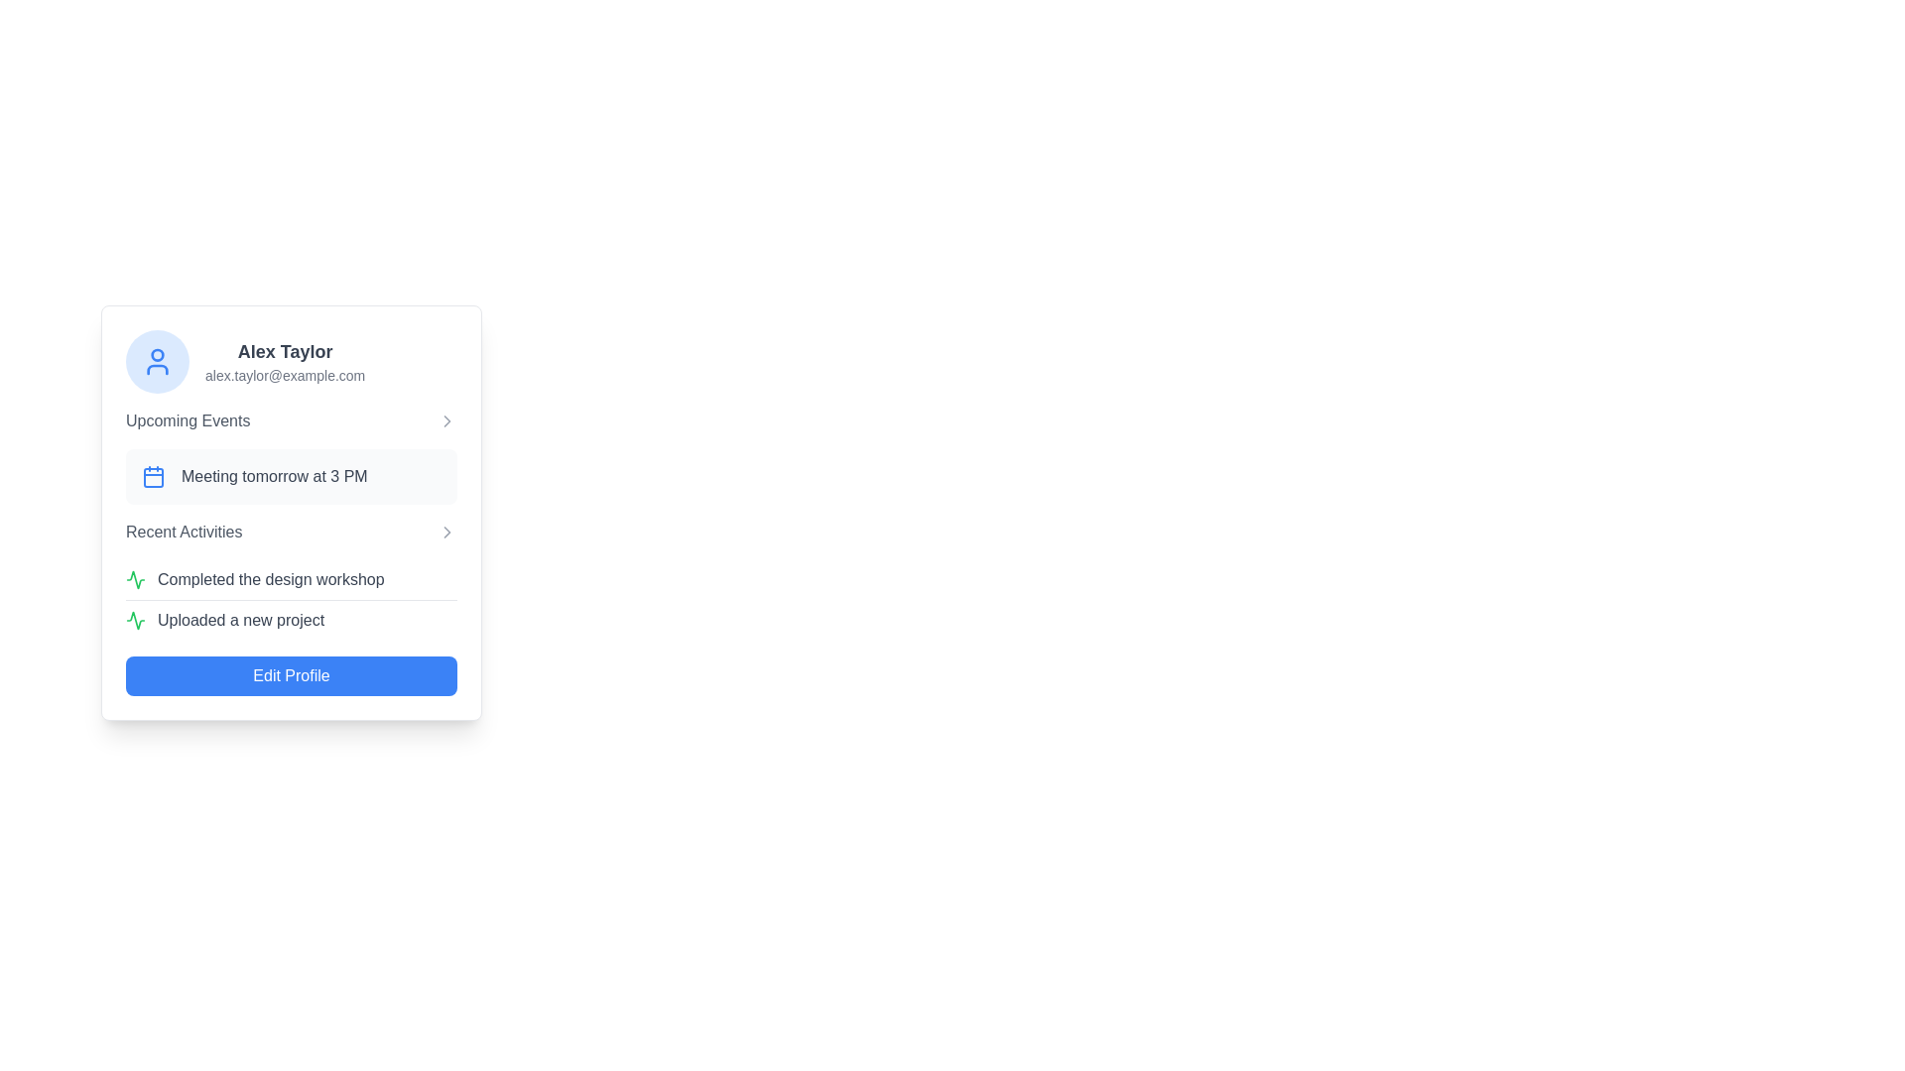  Describe the element at coordinates (156, 354) in the screenshot. I see `the decorative graphical circle element located at the top of the user avatar in the profile card` at that location.